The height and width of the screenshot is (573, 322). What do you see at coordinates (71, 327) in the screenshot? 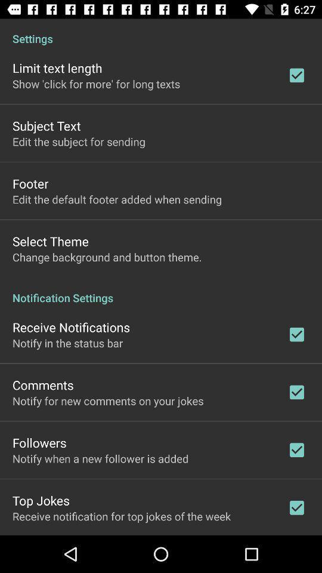
I see `receive notifications` at bounding box center [71, 327].